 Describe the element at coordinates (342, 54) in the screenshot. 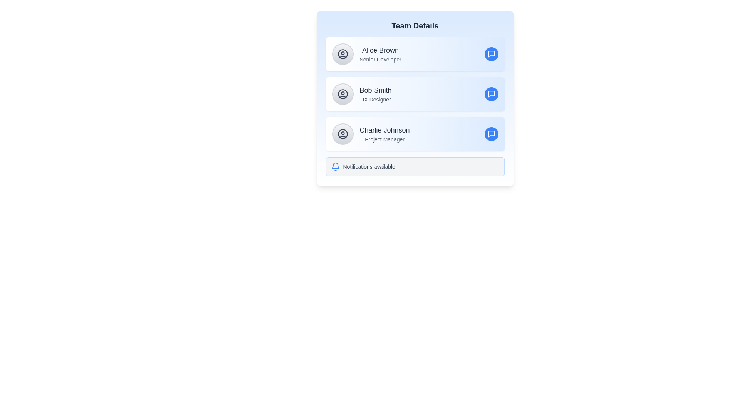

I see `the decorative profile icon located in the topmost user card of the 'Team Details' panel, positioned to the left of the name 'Alice Brown'` at that location.